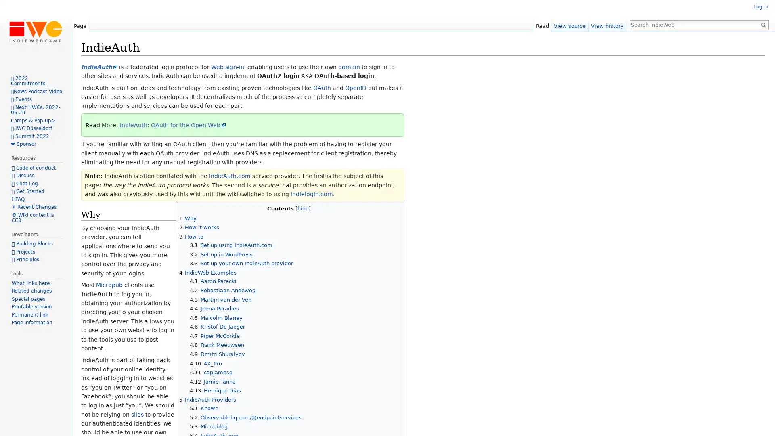  I want to click on hide, so click(302, 208).